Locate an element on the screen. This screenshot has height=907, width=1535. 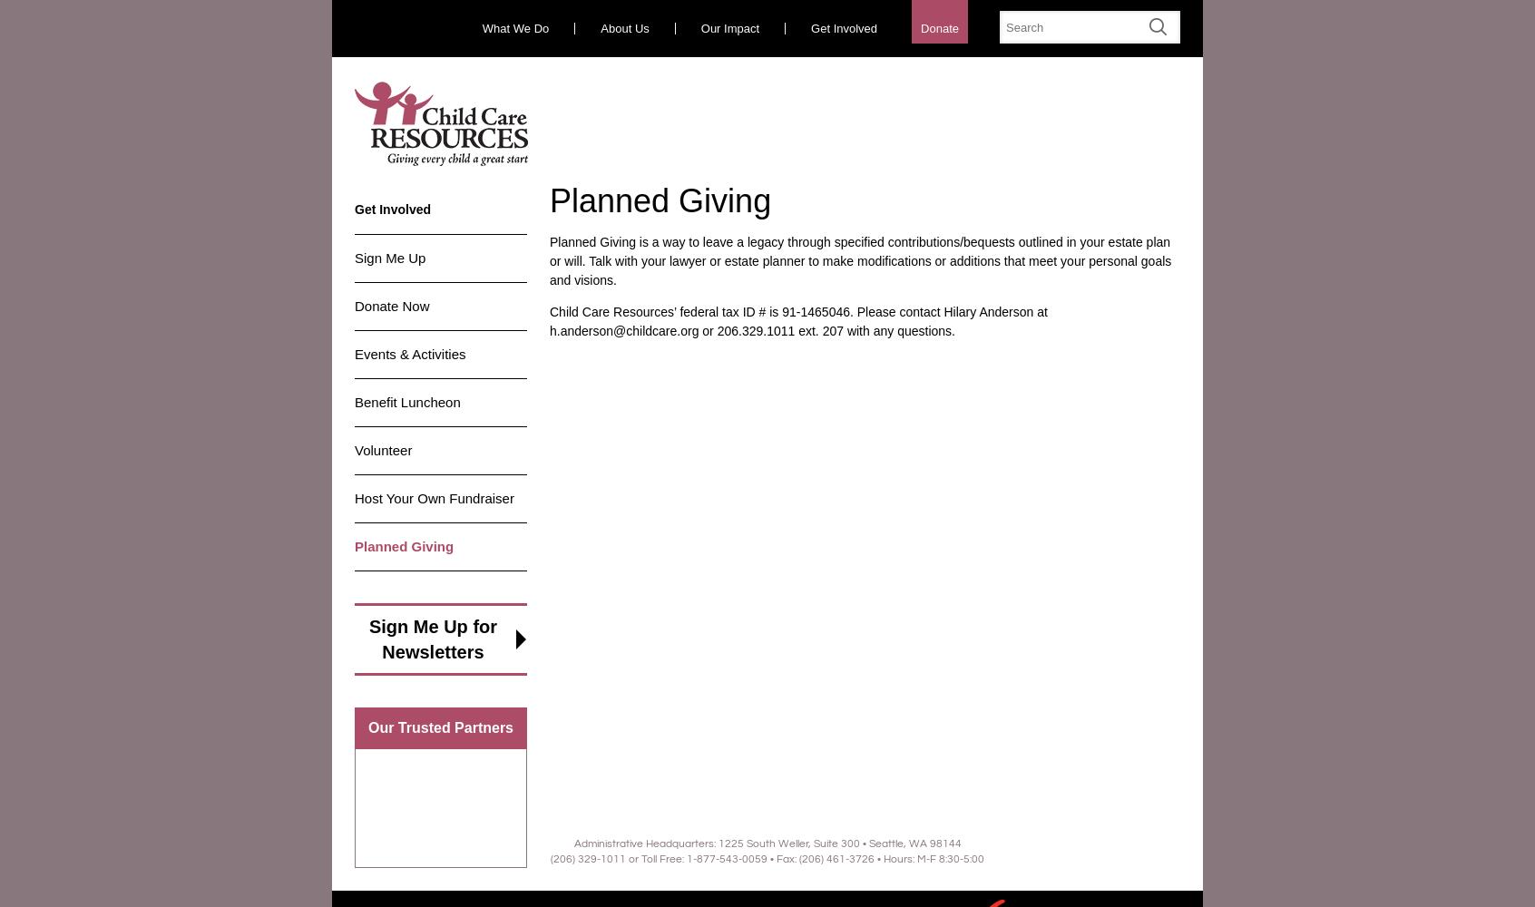
'What We Do' is located at coordinates (514, 28).